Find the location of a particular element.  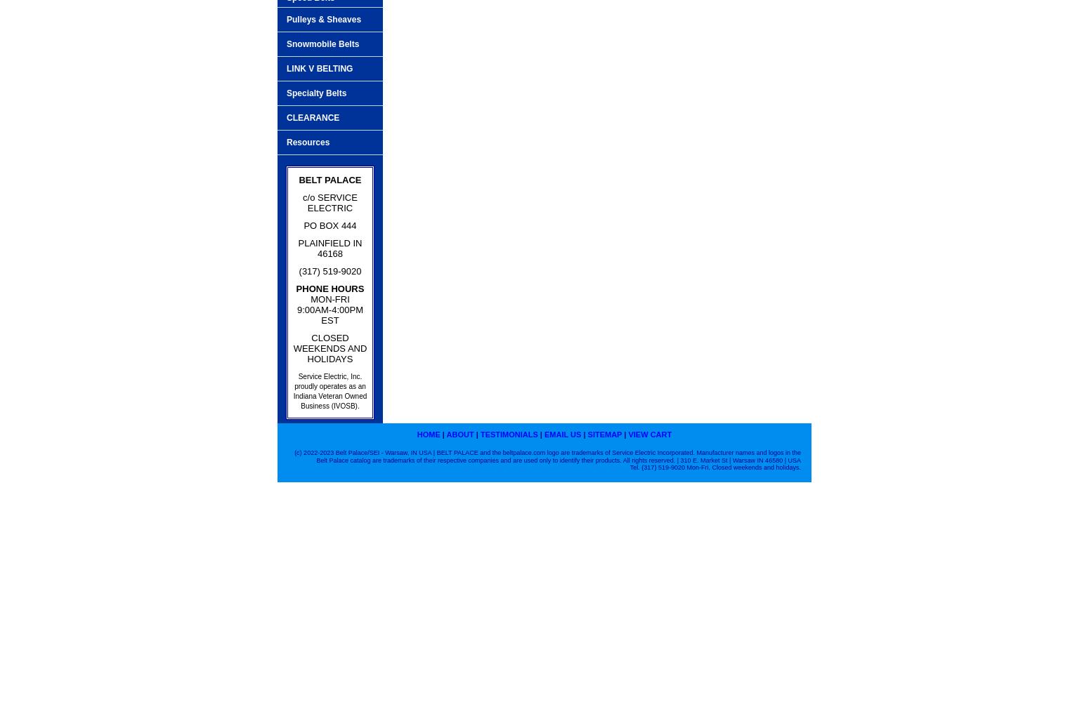

'MON-FRI' is located at coordinates (311, 298).